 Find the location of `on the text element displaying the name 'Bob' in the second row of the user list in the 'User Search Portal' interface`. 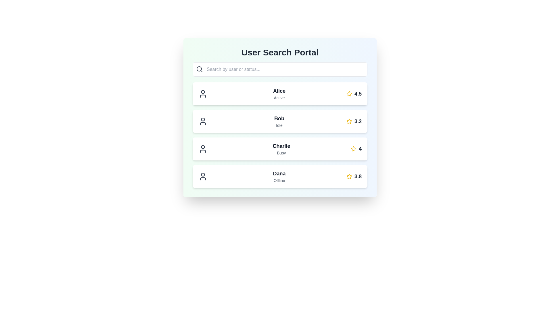

on the text element displaying the name 'Bob' in the second row of the user list in the 'User Search Portal' interface is located at coordinates (279, 118).